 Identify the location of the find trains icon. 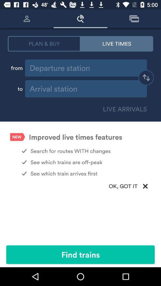
(80, 254).